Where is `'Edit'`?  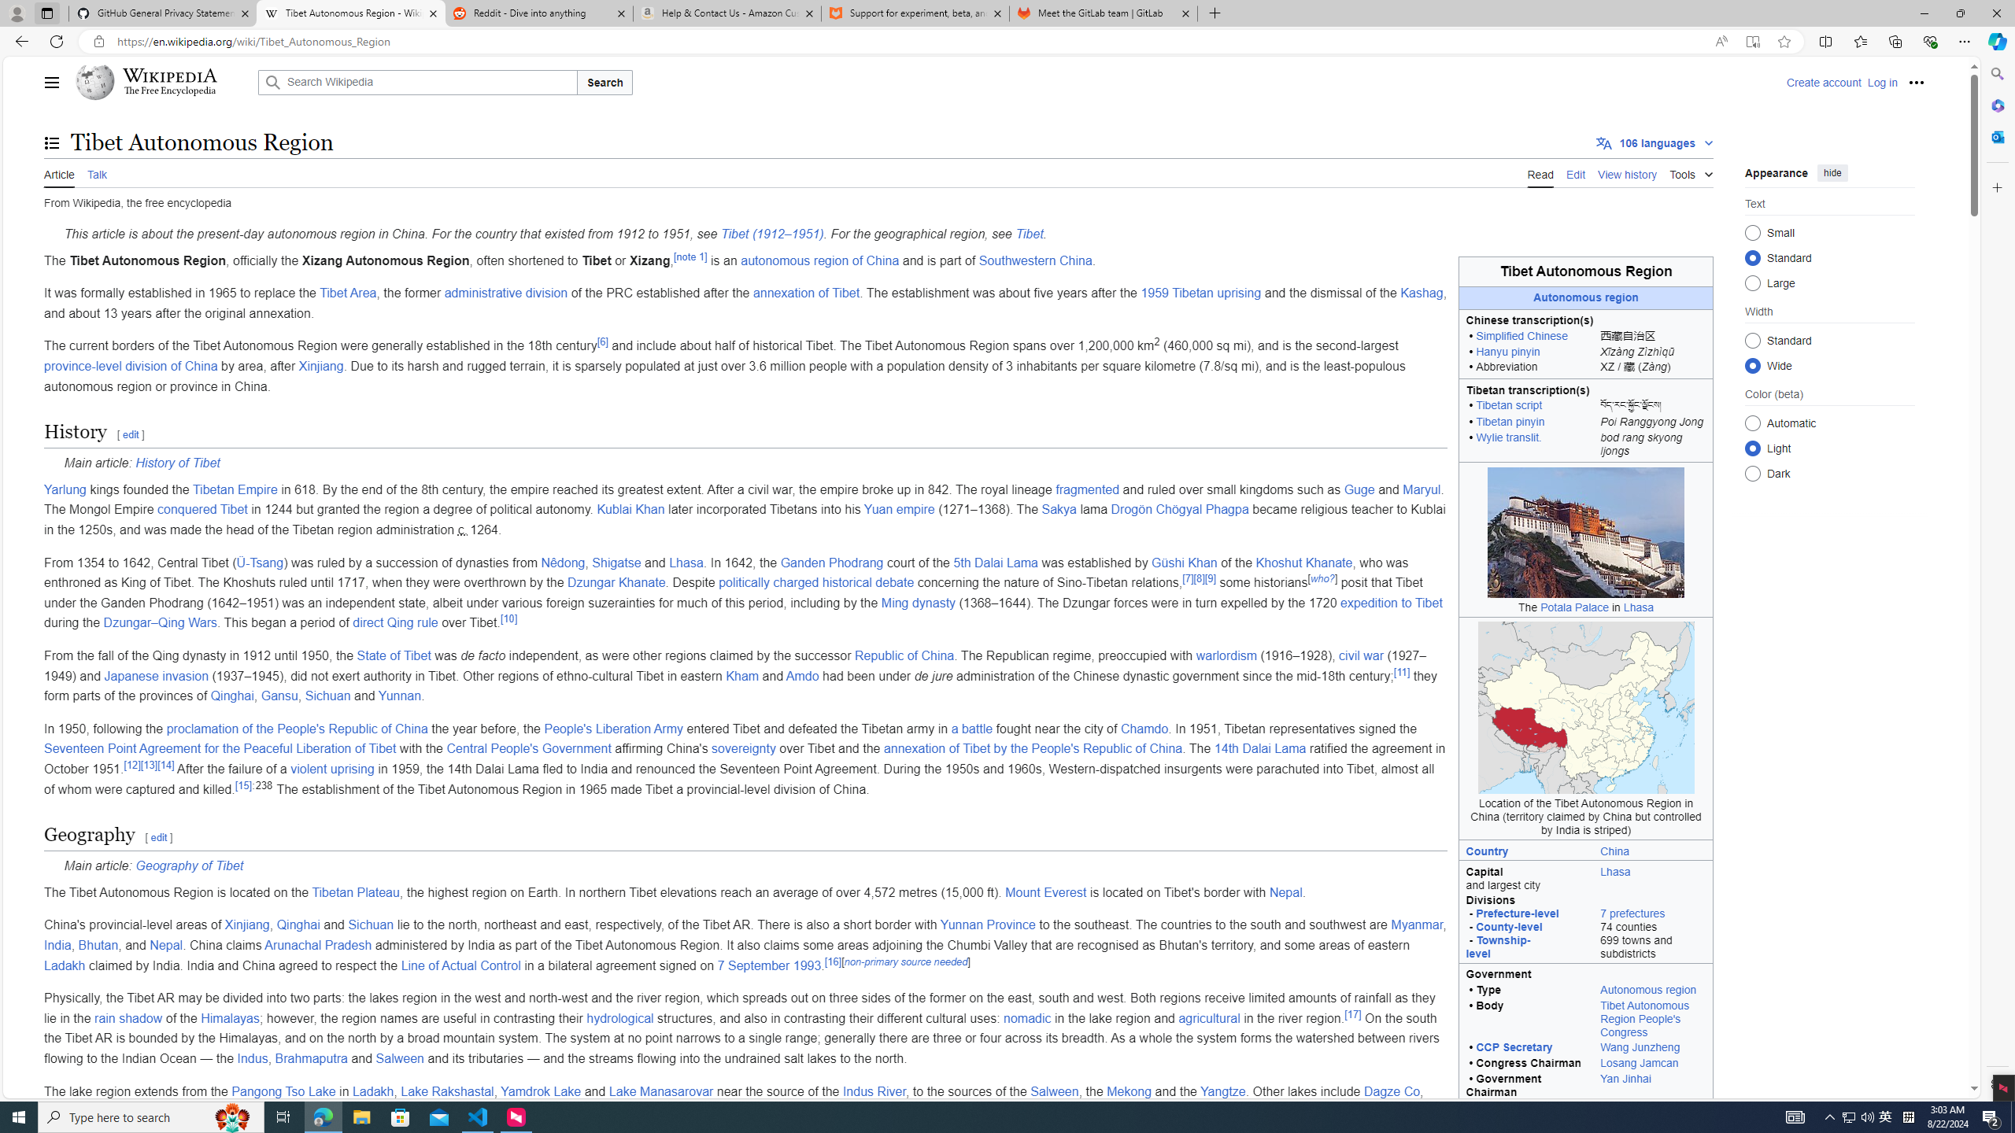
'Edit' is located at coordinates (1575, 172).